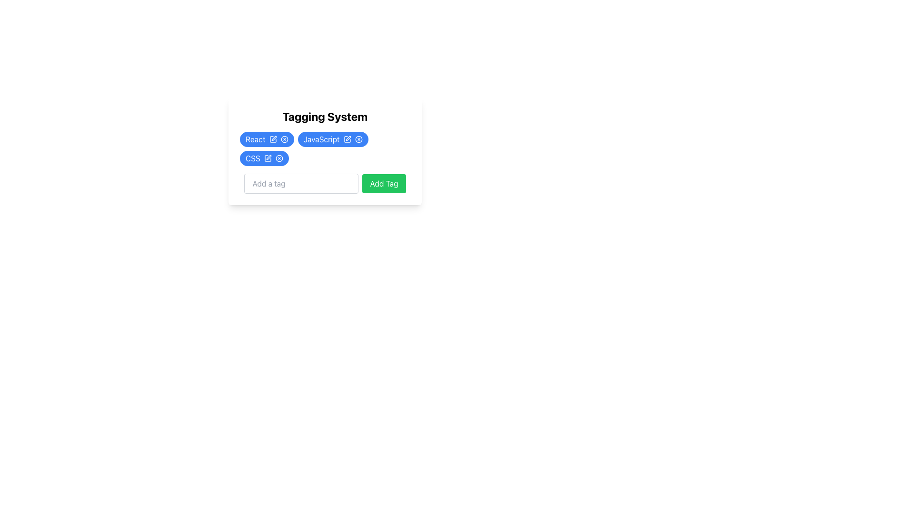 This screenshot has height=514, width=914. What do you see at coordinates (347, 139) in the screenshot?
I see `the small pen-shaped icon inside the blue rounded rectangle labeled 'JavaScript'` at bounding box center [347, 139].